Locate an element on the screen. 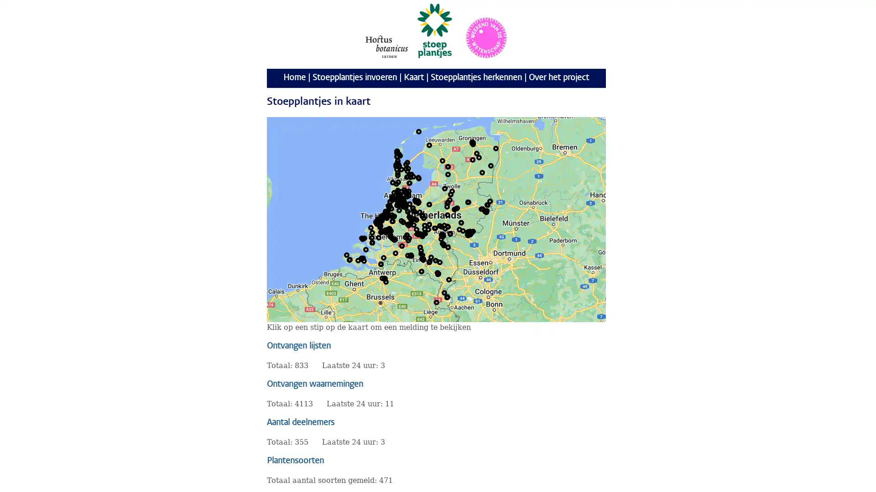 The width and height of the screenshot is (876, 492). Telling van Marcel Meijer Hof op 19 januari 2022 is located at coordinates (485, 210).